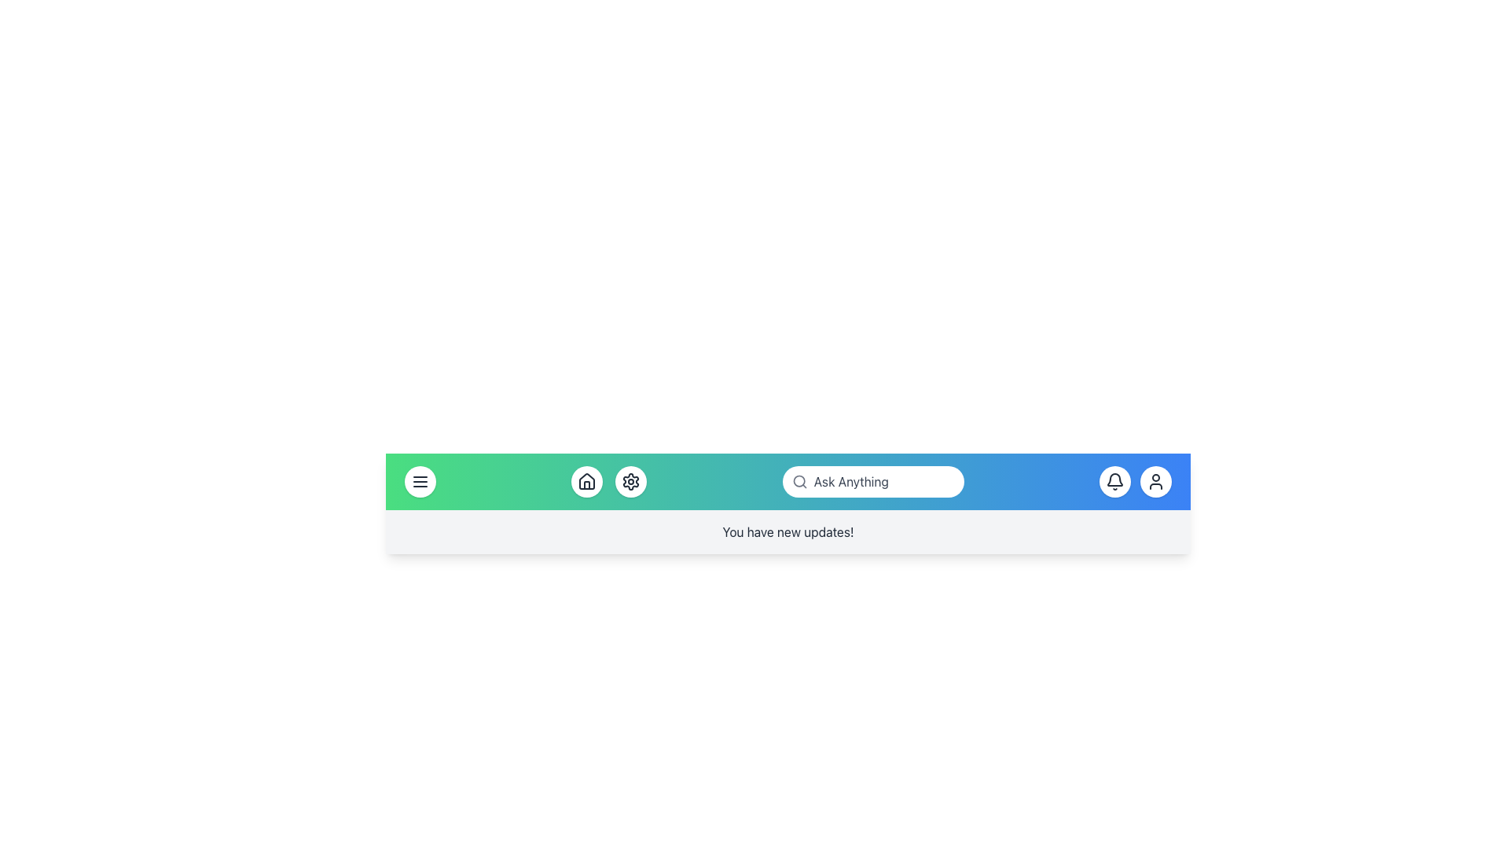 The width and height of the screenshot is (1509, 849). What do you see at coordinates (1155, 481) in the screenshot?
I see `the user icon button located in the top-right corner of the header bar` at bounding box center [1155, 481].